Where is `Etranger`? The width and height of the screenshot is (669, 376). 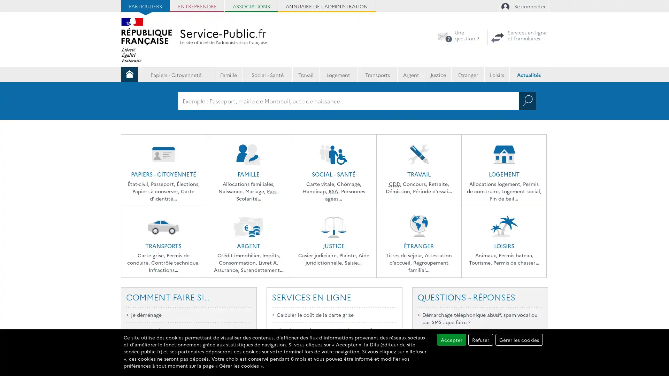
Etranger is located at coordinates (468, 74).